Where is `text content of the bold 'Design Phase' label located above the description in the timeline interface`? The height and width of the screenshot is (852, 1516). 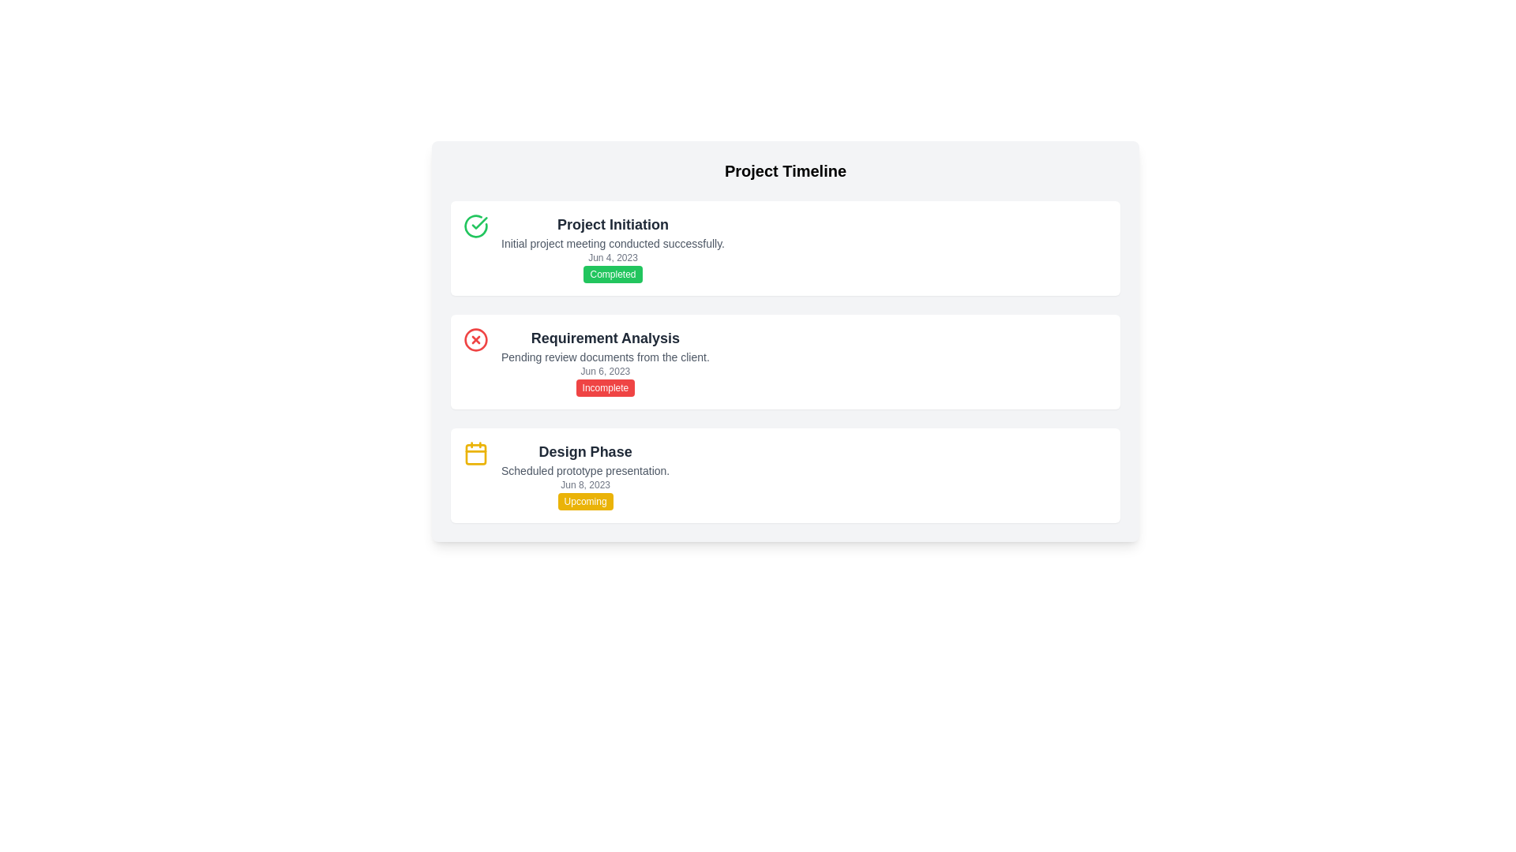
text content of the bold 'Design Phase' label located above the description in the timeline interface is located at coordinates (584, 452).